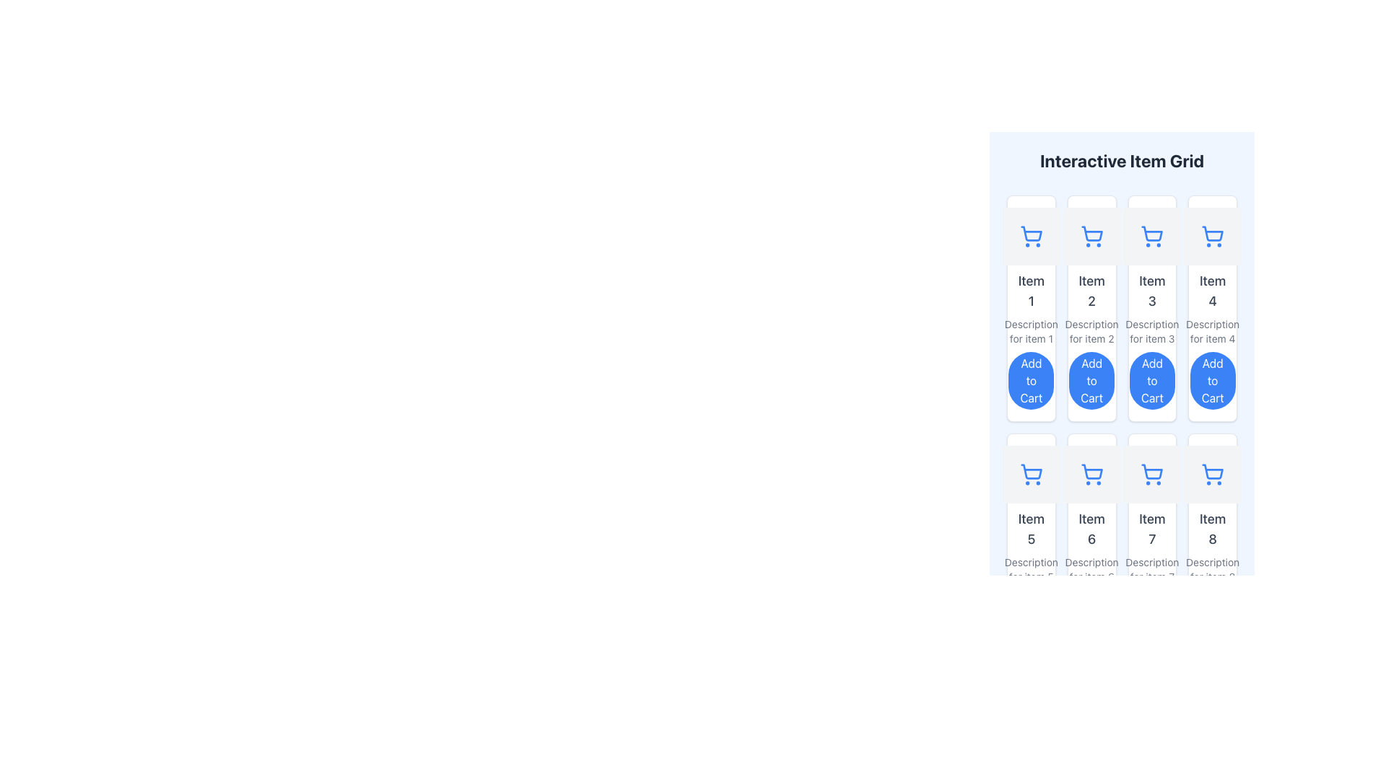  I want to click on the text label displaying 'Item 6', which is positioned in the second row and second column of the grid layout, so click(1091, 529).